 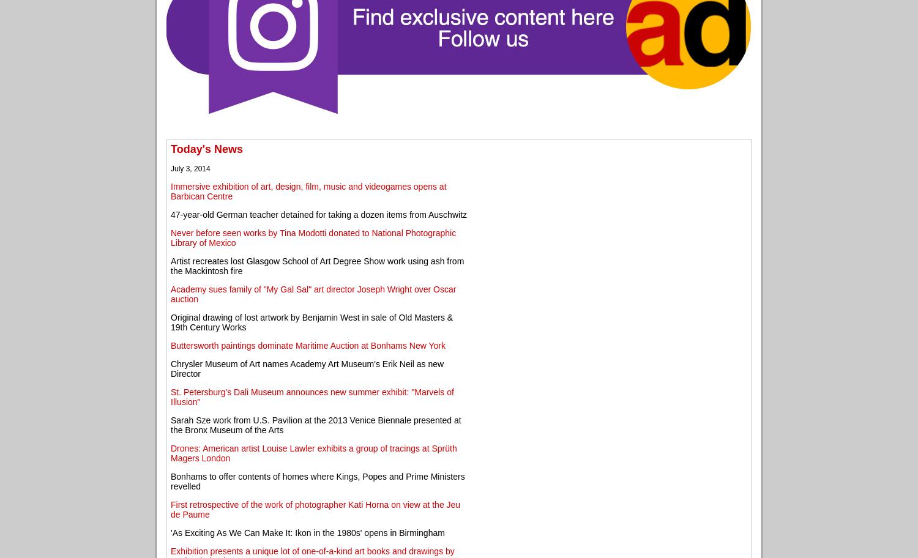 I want to click on 'Never before seen works by Tina Modotti donated to National Photographic Library of Mexico', so click(x=313, y=237).